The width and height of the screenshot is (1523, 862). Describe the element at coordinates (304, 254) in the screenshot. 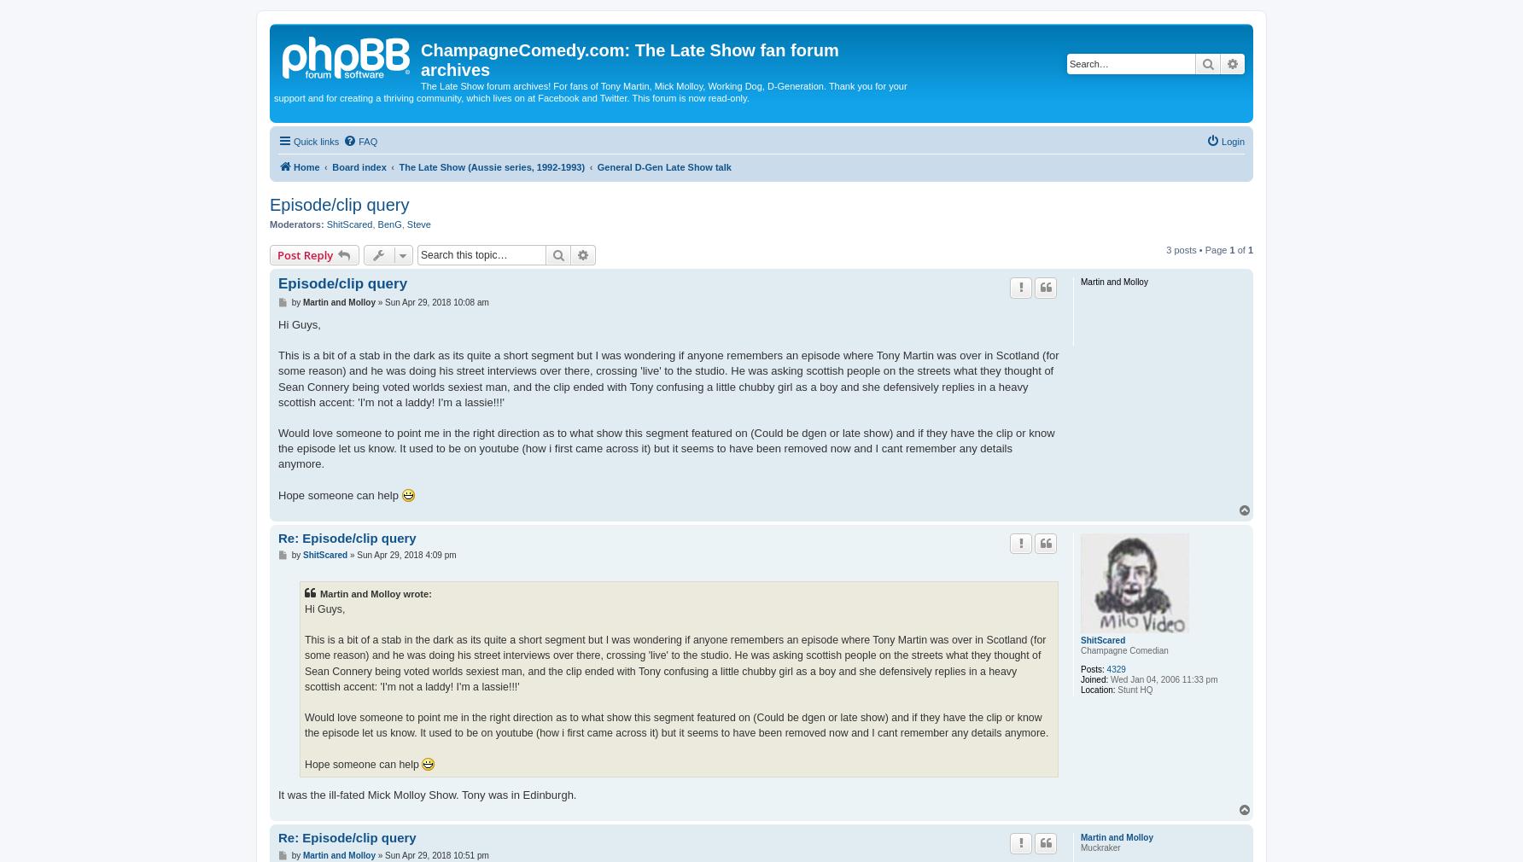

I see `'Post Reply'` at that location.